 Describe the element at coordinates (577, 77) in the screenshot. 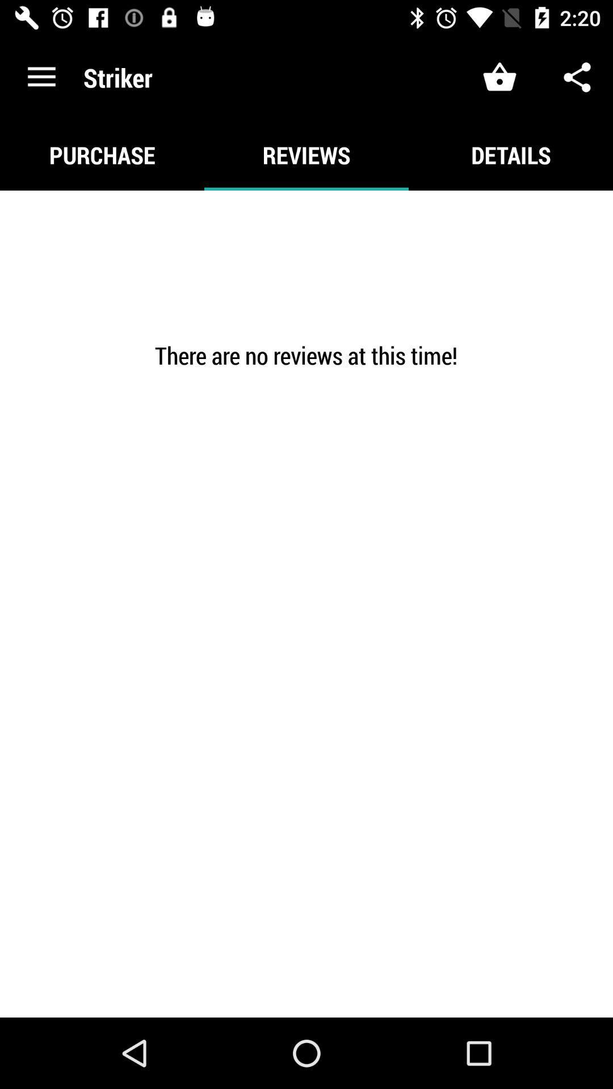

I see `icon above details item` at that location.